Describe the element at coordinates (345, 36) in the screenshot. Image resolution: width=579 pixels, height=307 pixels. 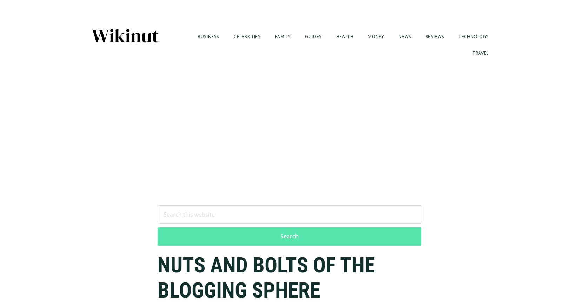
I see `'Health'` at that location.